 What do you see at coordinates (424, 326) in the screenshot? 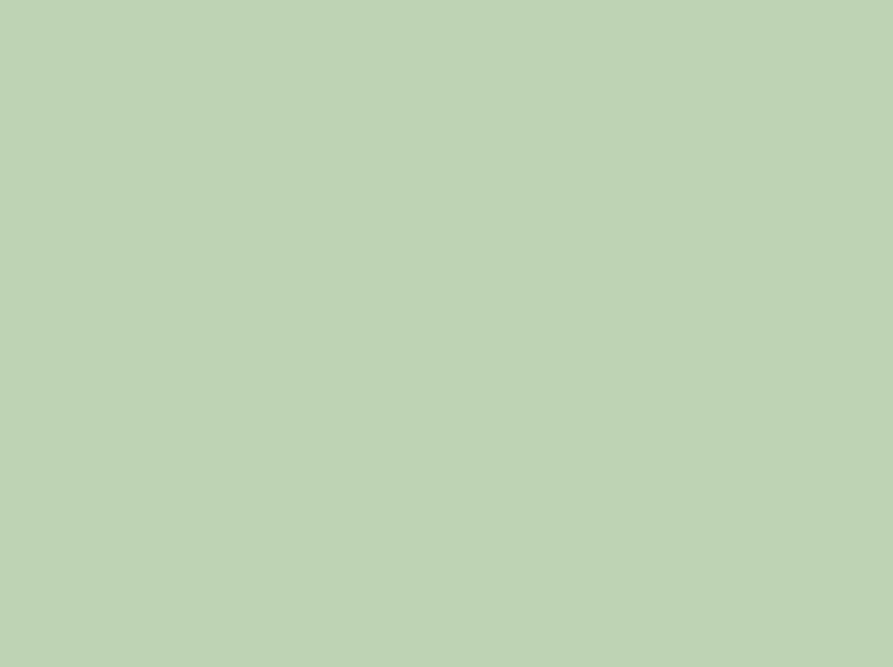
I see `'65th. Justin Thurston'` at bounding box center [424, 326].